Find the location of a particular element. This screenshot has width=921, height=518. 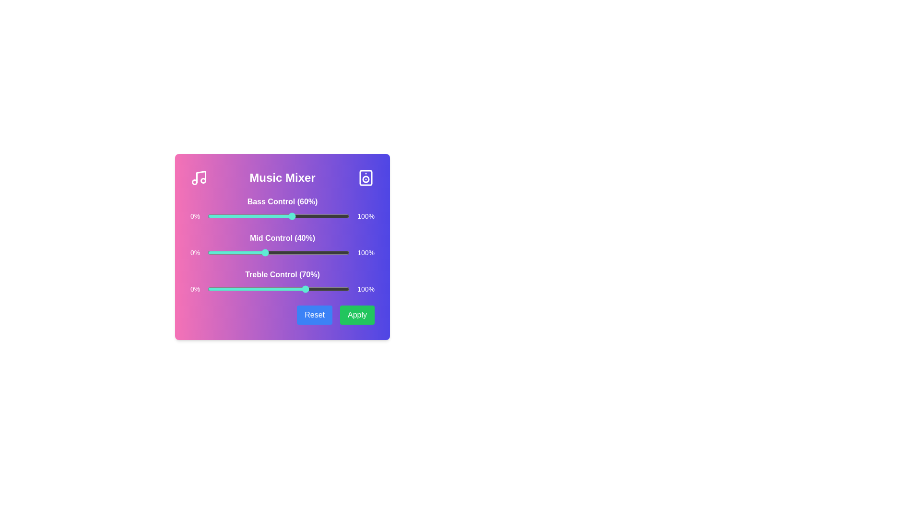

the 'Reset' button to reset the music mixer controls is located at coordinates (315, 315).